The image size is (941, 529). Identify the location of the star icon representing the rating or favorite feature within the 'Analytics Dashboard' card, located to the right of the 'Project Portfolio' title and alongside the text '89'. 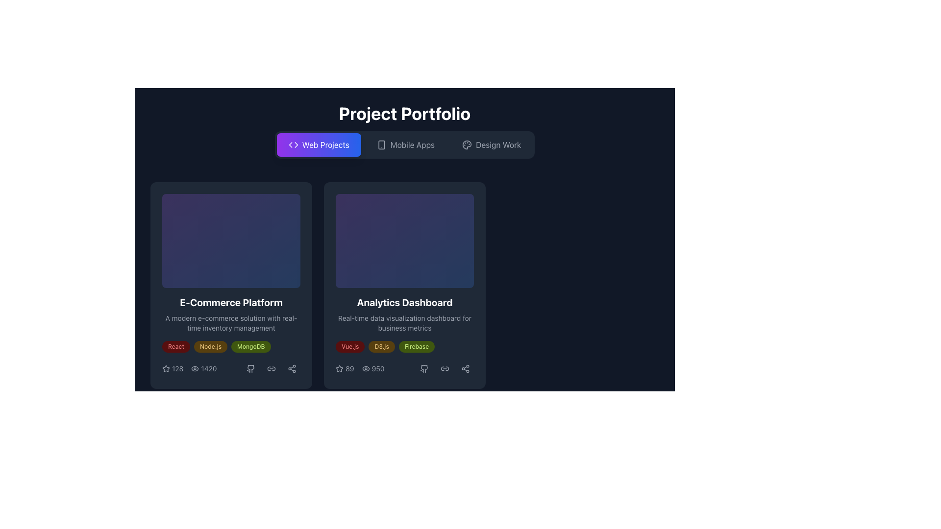
(339, 368).